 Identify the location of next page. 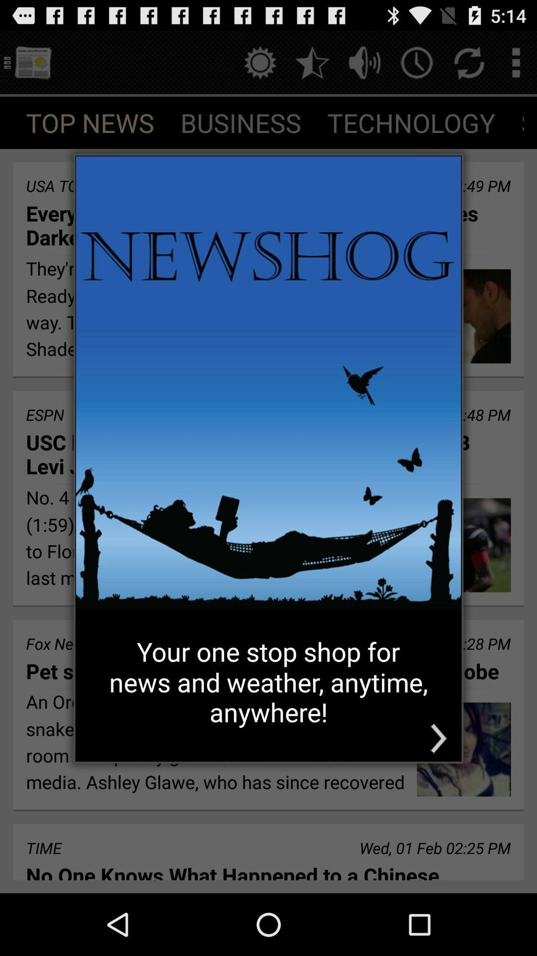
(438, 738).